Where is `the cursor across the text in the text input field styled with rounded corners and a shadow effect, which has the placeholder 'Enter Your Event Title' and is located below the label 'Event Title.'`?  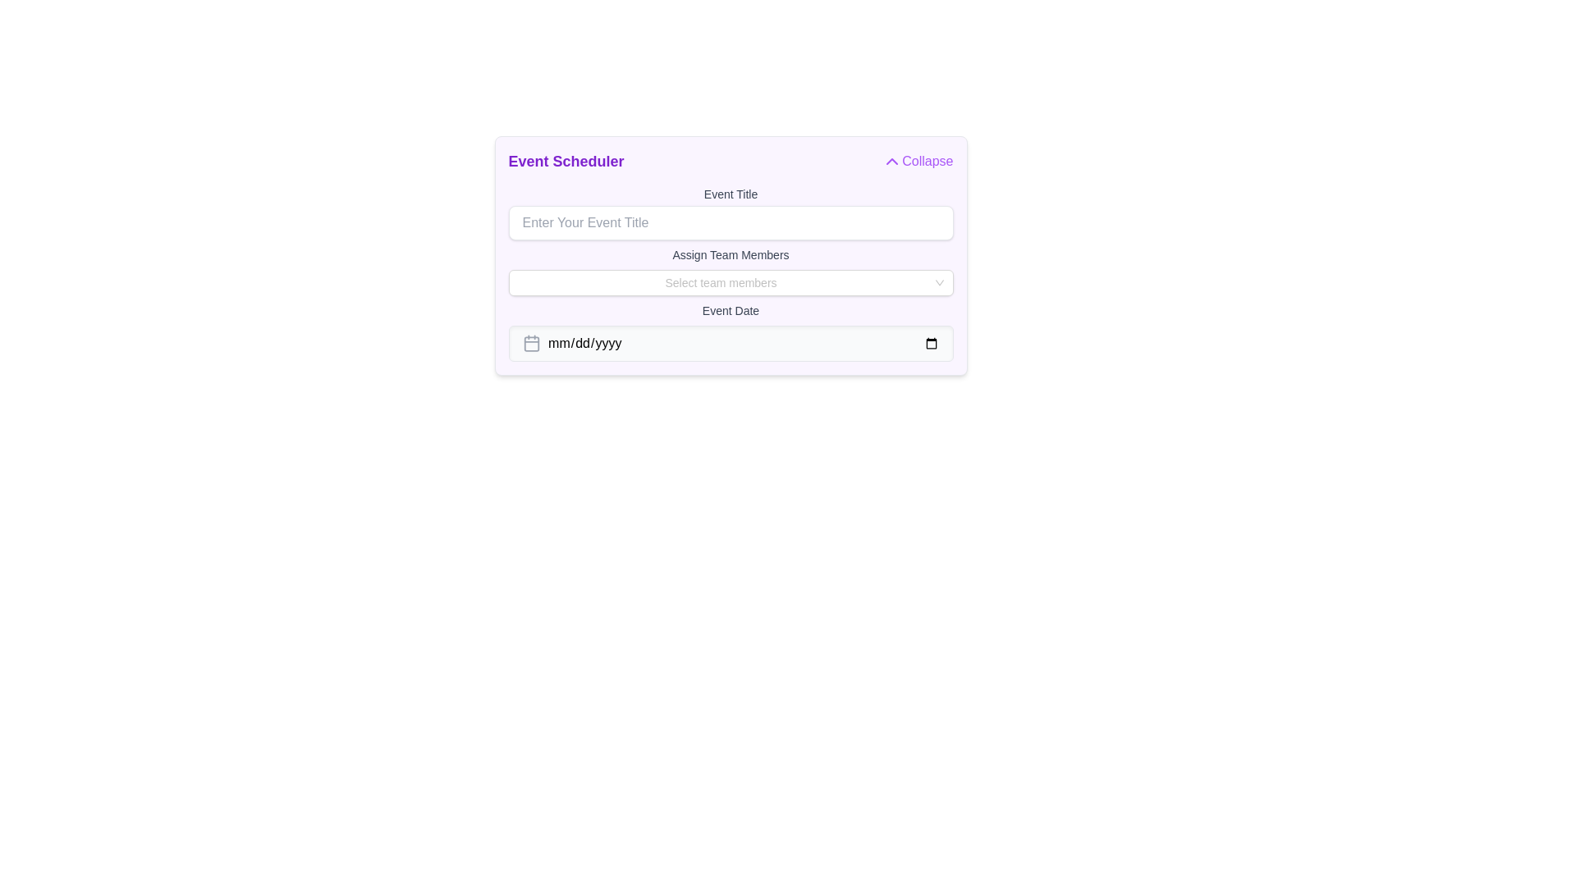
the cursor across the text in the text input field styled with rounded corners and a shadow effect, which has the placeholder 'Enter Your Event Title' and is located below the label 'Event Title.' is located at coordinates (730, 212).